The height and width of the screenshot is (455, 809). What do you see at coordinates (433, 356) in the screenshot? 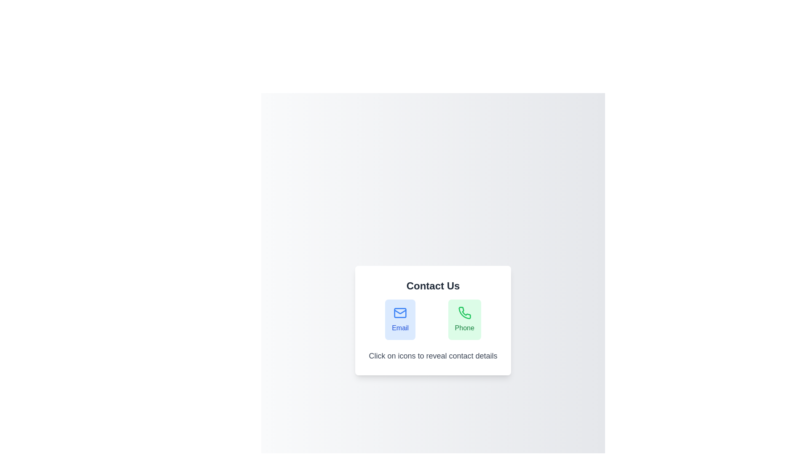
I see `the text label that reads 'Click on icons` at bounding box center [433, 356].